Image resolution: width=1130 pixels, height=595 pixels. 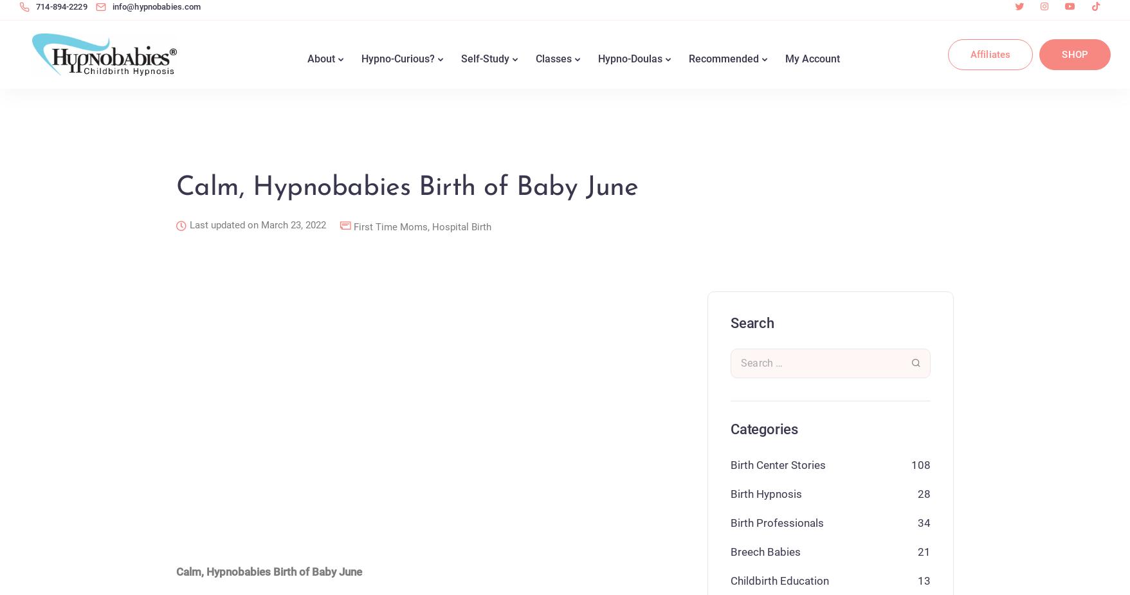 What do you see at coordinates (524, 154) in the screenshot?
I see `'Hypnobabies Hypnobirthing Online Self-Study Demo'` at bounding box center [524, 154].